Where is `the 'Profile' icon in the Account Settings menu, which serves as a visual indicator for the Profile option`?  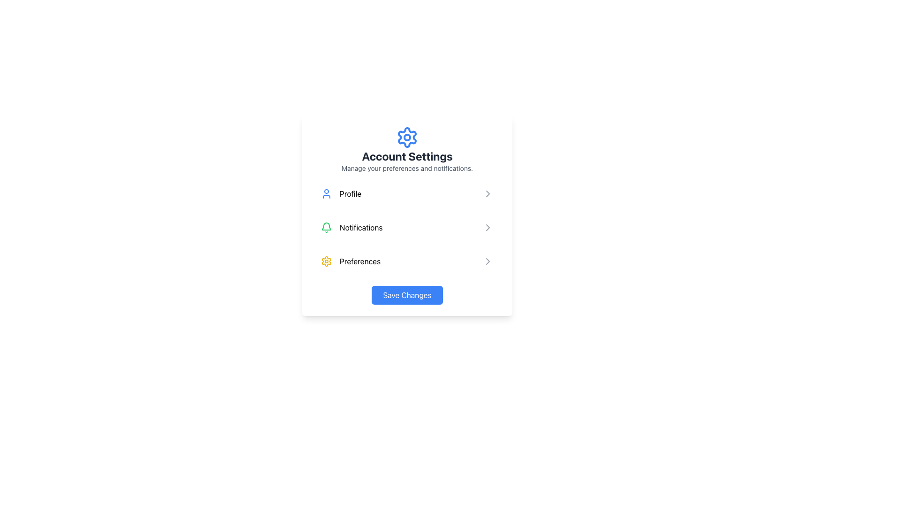 the 'Profile' icon in the Account Settings menu, which serves as a visual indicator for the Profile option is located at coordinates (327, 193).